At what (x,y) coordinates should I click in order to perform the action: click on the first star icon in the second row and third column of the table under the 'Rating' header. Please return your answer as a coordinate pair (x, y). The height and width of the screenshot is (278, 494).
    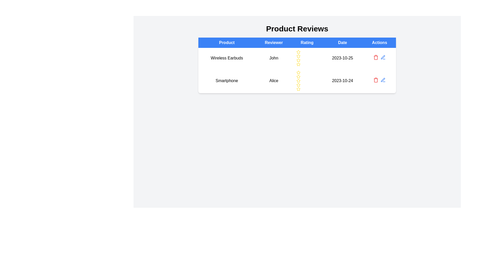
    Looking at the image, I should click on (298, 72).